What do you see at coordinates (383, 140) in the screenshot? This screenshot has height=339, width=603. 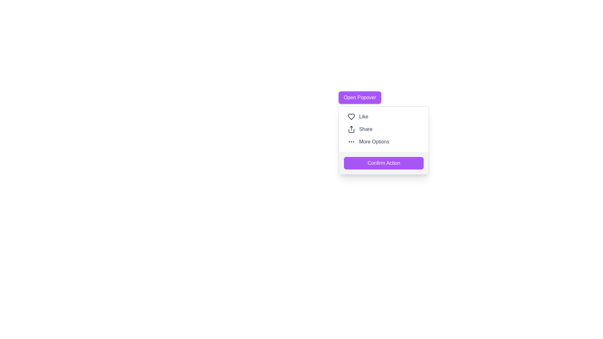 I see `the 'Like', 'Share', or 'More Options' option in the pop-up menu that appears below the 'Open Popover' button` at bounding box center [383, 140].